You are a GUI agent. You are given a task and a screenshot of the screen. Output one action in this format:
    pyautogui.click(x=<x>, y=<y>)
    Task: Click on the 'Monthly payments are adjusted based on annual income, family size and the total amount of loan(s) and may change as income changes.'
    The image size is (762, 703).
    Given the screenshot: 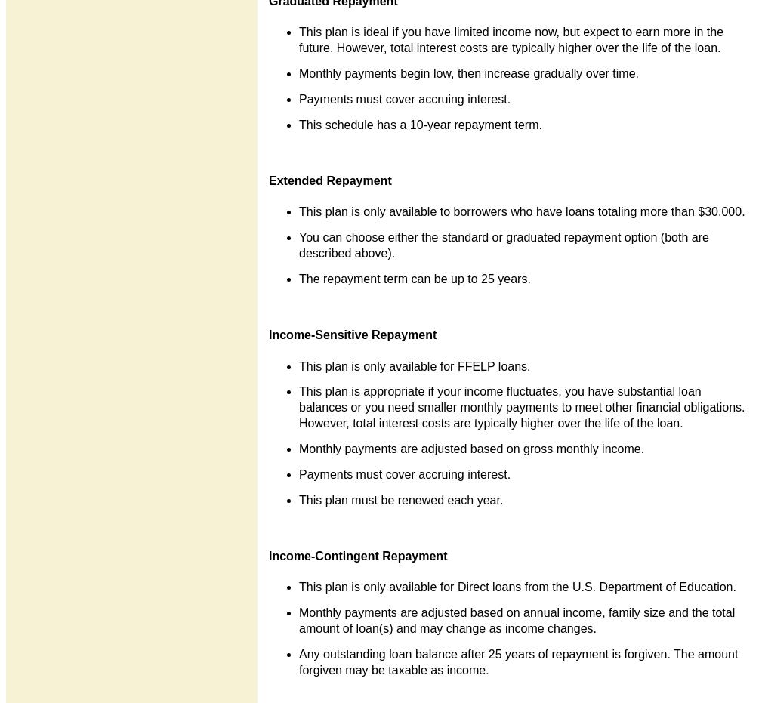 What is the action you would take?
    pyautogui.click(x=517, y=619)
    